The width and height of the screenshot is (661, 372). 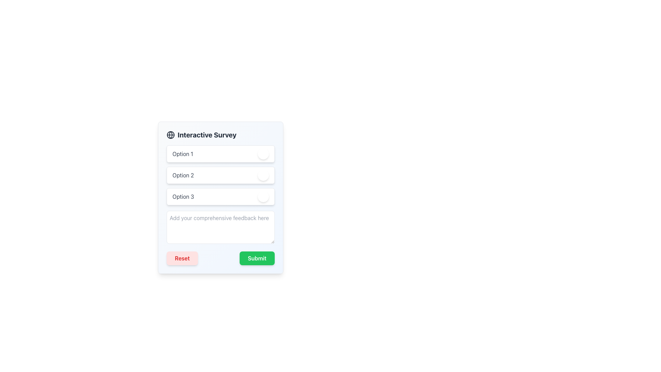 I want to click on the green 'Submit' button with rounded corners located at the bottom-right of the panel, so click(x=256, y=258).